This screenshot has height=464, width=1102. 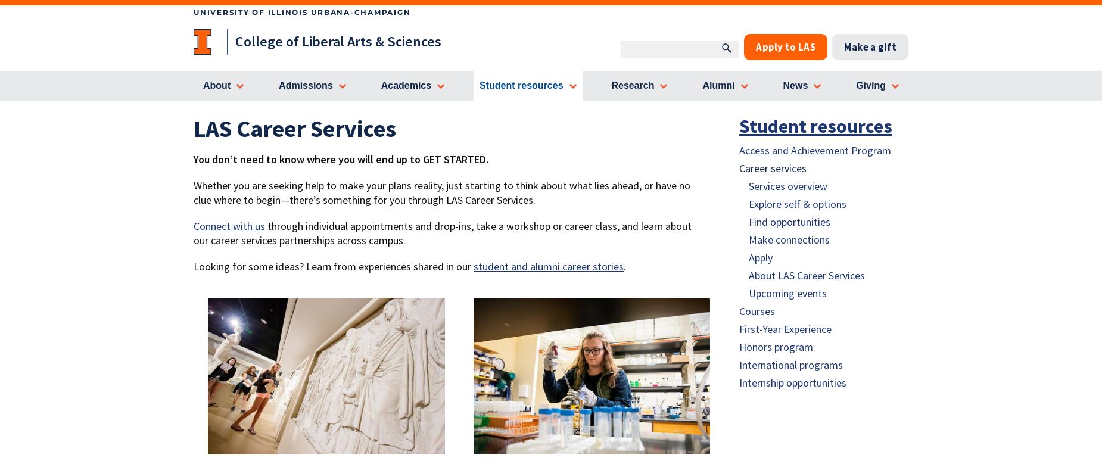 I want to click on 'Career services', so click(x=772, y=167).